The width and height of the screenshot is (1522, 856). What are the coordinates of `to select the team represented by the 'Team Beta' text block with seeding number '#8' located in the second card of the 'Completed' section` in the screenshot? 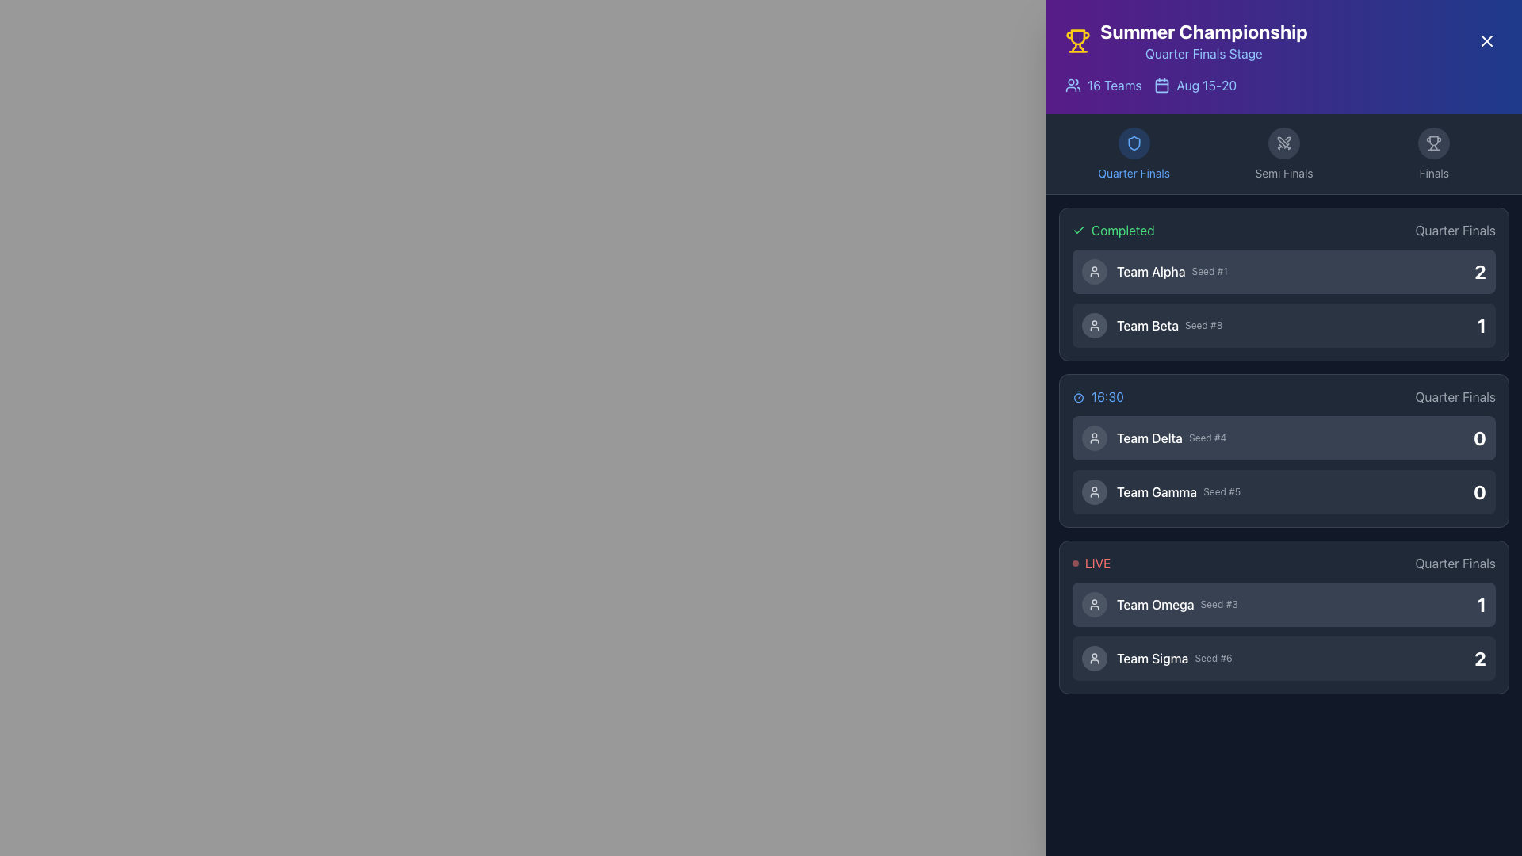 It's located at (1152, 325).